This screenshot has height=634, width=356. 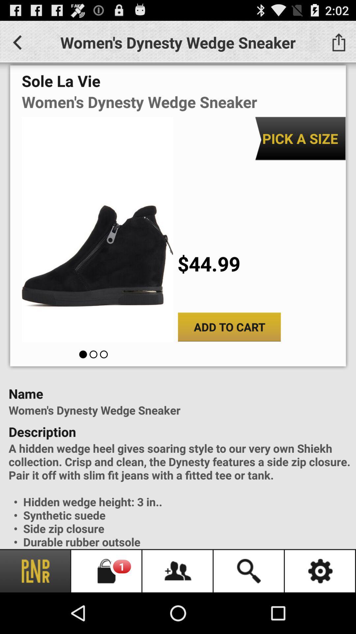 I want to click on the arrow_backward icon, so click(x=17, y=45).